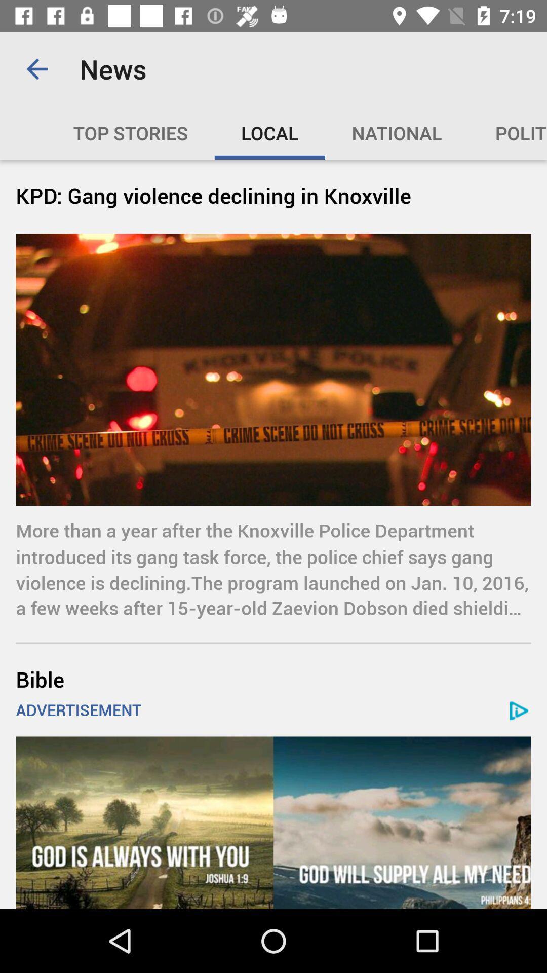  I want to click on bible, so click(273, 679).